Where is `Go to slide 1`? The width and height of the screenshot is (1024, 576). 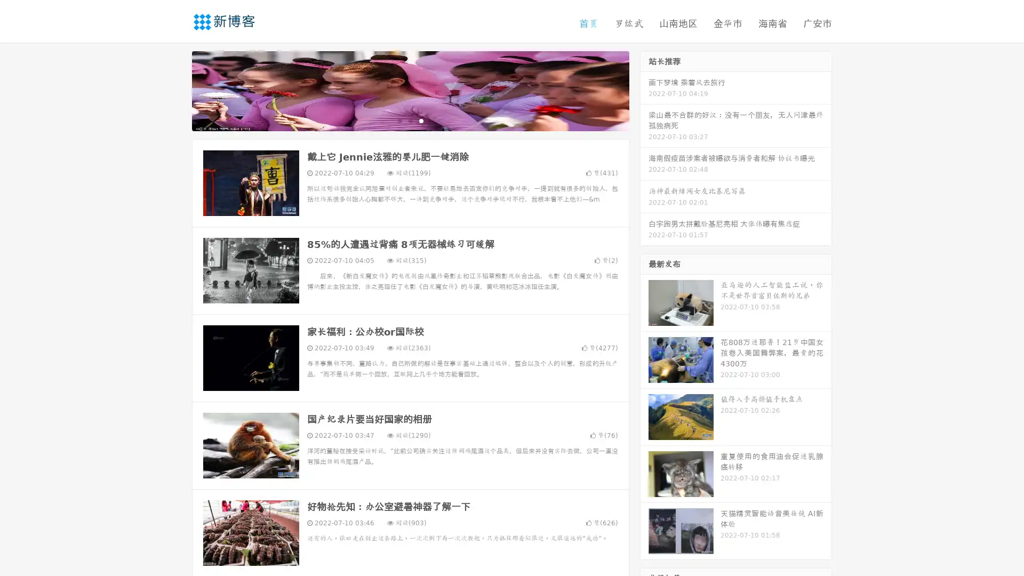 Go to slide 1 is located at coordinates (399, 120).